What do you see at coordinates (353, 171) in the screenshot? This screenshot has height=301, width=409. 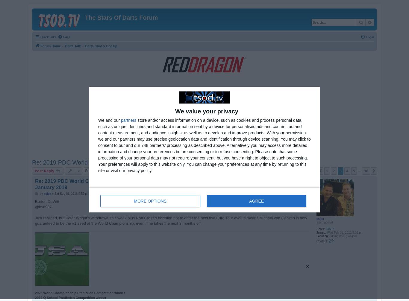 I see `'5'` at bounding box center [353, 171].